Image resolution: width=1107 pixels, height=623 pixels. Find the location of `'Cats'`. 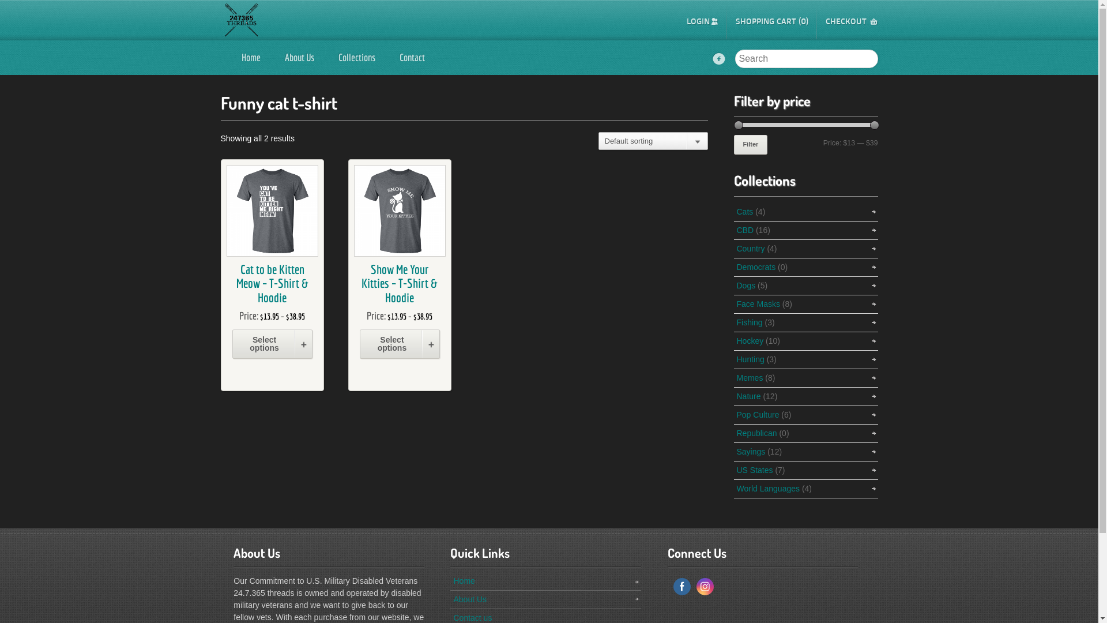

'Cats' is located at coordinates (745, 211).